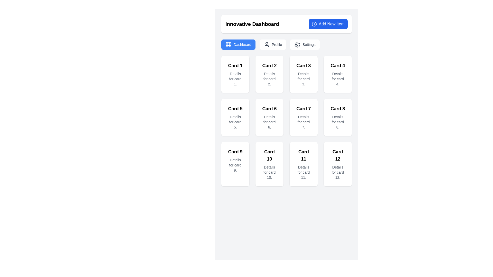 The height and width of the screenshot is (277, 493). What do you see at coordinates (338, 79) in the screenshot?
I see `the static text displaying 'Details for card 4.' located below the title 'Card 4' in the first row, fourth column of the grid layout` at bounding box center [338, 79].